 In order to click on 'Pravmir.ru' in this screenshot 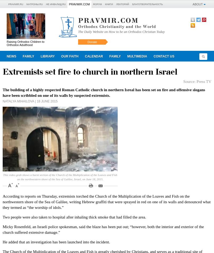, I will do `click(15, 4)`.